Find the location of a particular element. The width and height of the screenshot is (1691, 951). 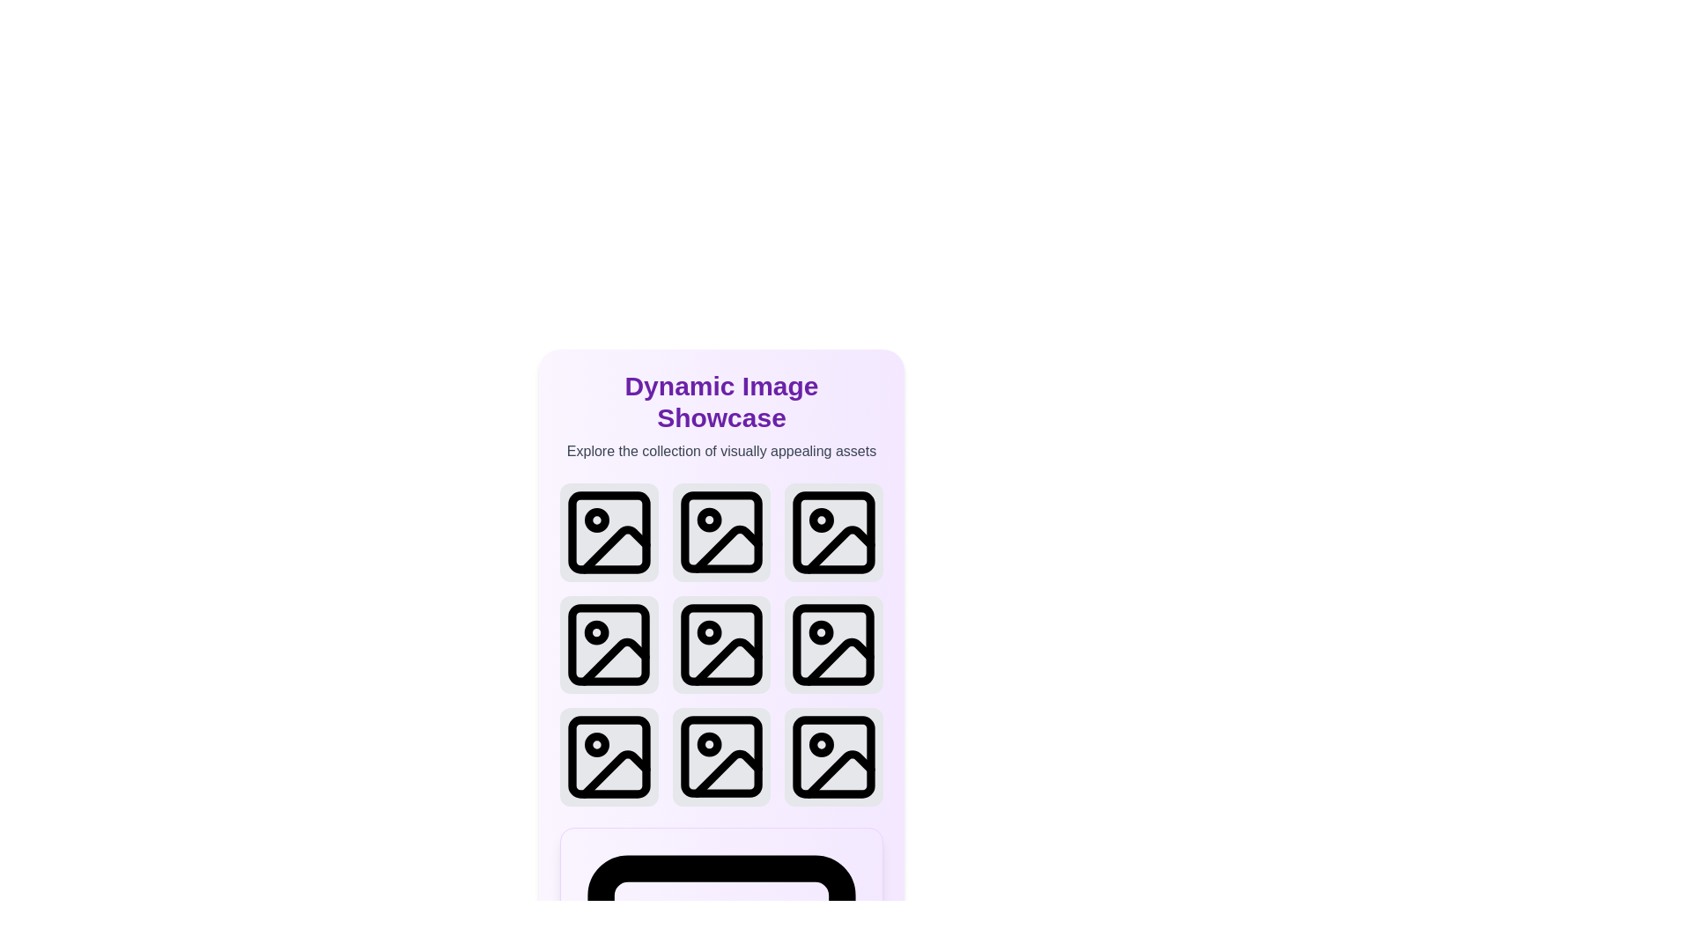

the graphical marker (circle) located in the second row and first column of the displayed grid is located at coordinates (596, 631).